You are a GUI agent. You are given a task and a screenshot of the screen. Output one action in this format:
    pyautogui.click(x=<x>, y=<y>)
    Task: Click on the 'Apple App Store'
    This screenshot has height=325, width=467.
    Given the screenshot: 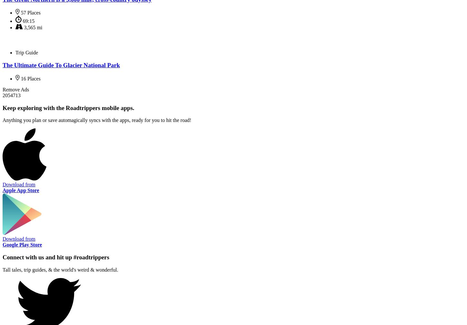 What is the action you would take?
    pyautogui.click(x=21, y=190)
    